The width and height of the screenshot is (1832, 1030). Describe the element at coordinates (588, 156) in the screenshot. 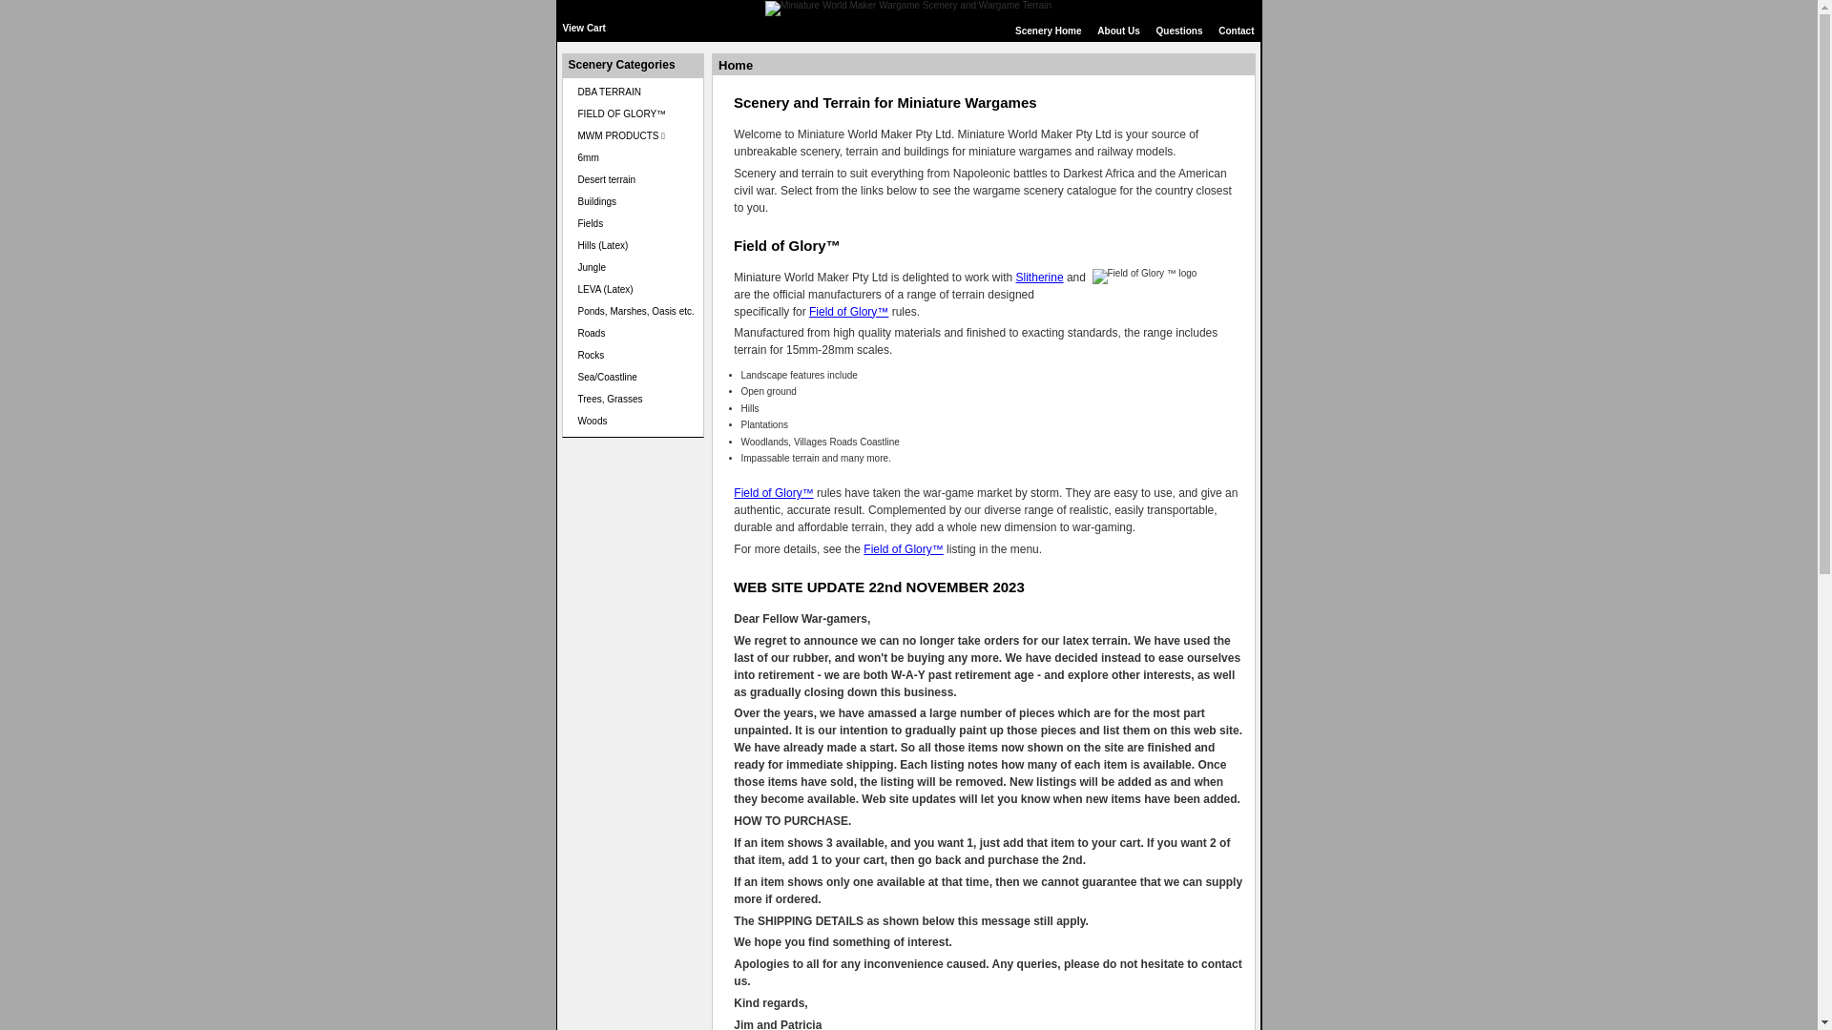

I see `'6mm'` at that location.